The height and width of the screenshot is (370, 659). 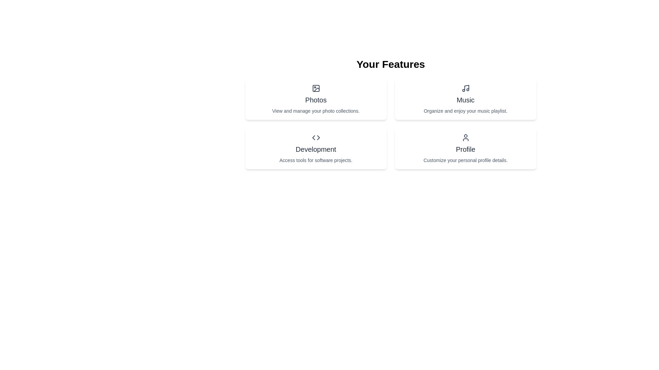 I want to click on the text box that contains the descriptive sentence 'Access tools for software projects' in a smaller, gray font, located at the bottom of the 'Development' panel, so click(x=315, y=160).